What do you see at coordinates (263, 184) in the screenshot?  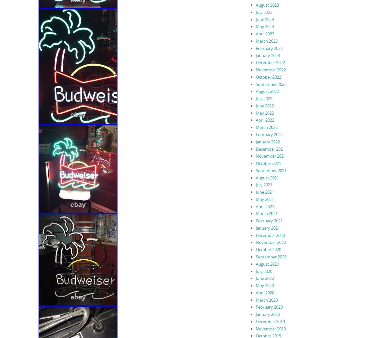 I see `'July 2021'` at bounding box center [263, 184].